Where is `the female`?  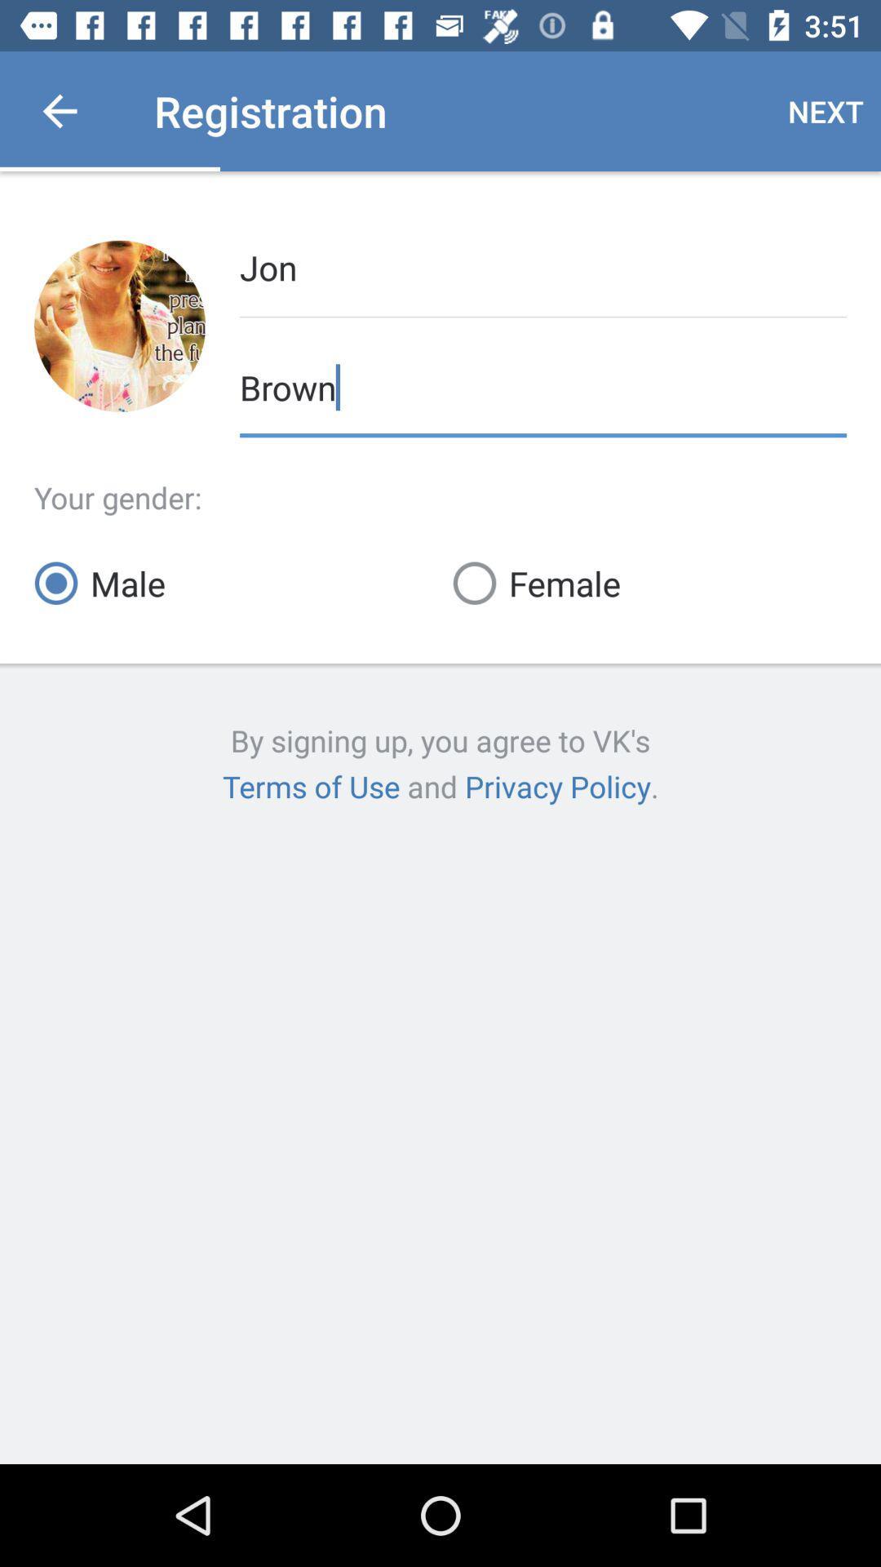
the female is located at coordinates (649, 583).